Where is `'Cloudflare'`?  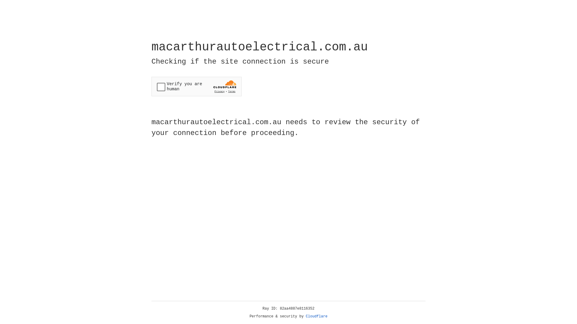
'Cloudflare' is located at coordinates (316, 316).